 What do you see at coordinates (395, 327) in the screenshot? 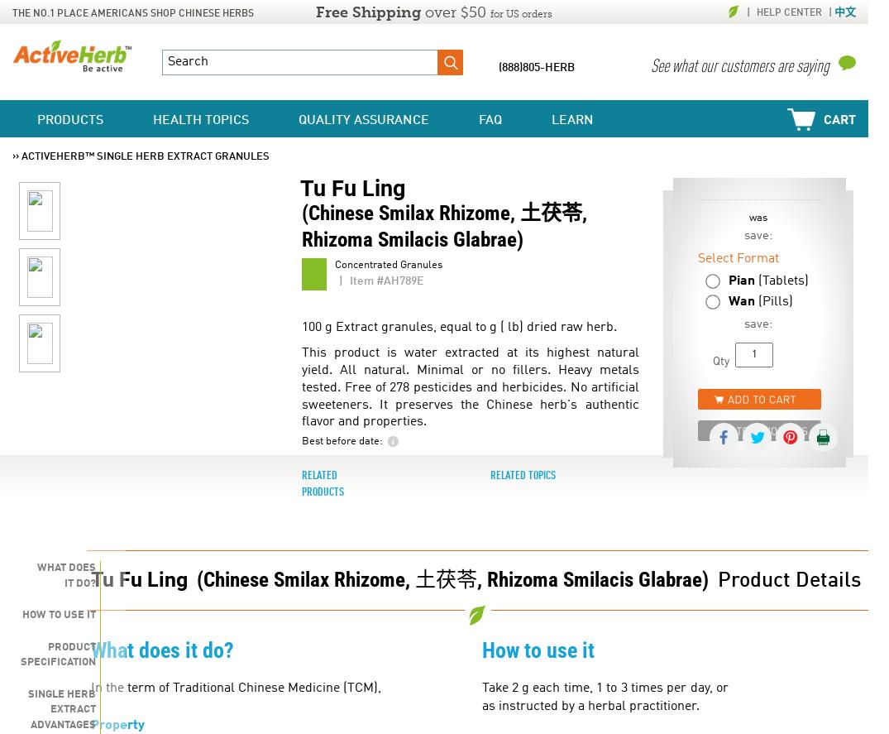
I see `'100 g Extract granules, equal to'` at bounding box center [395, 327].